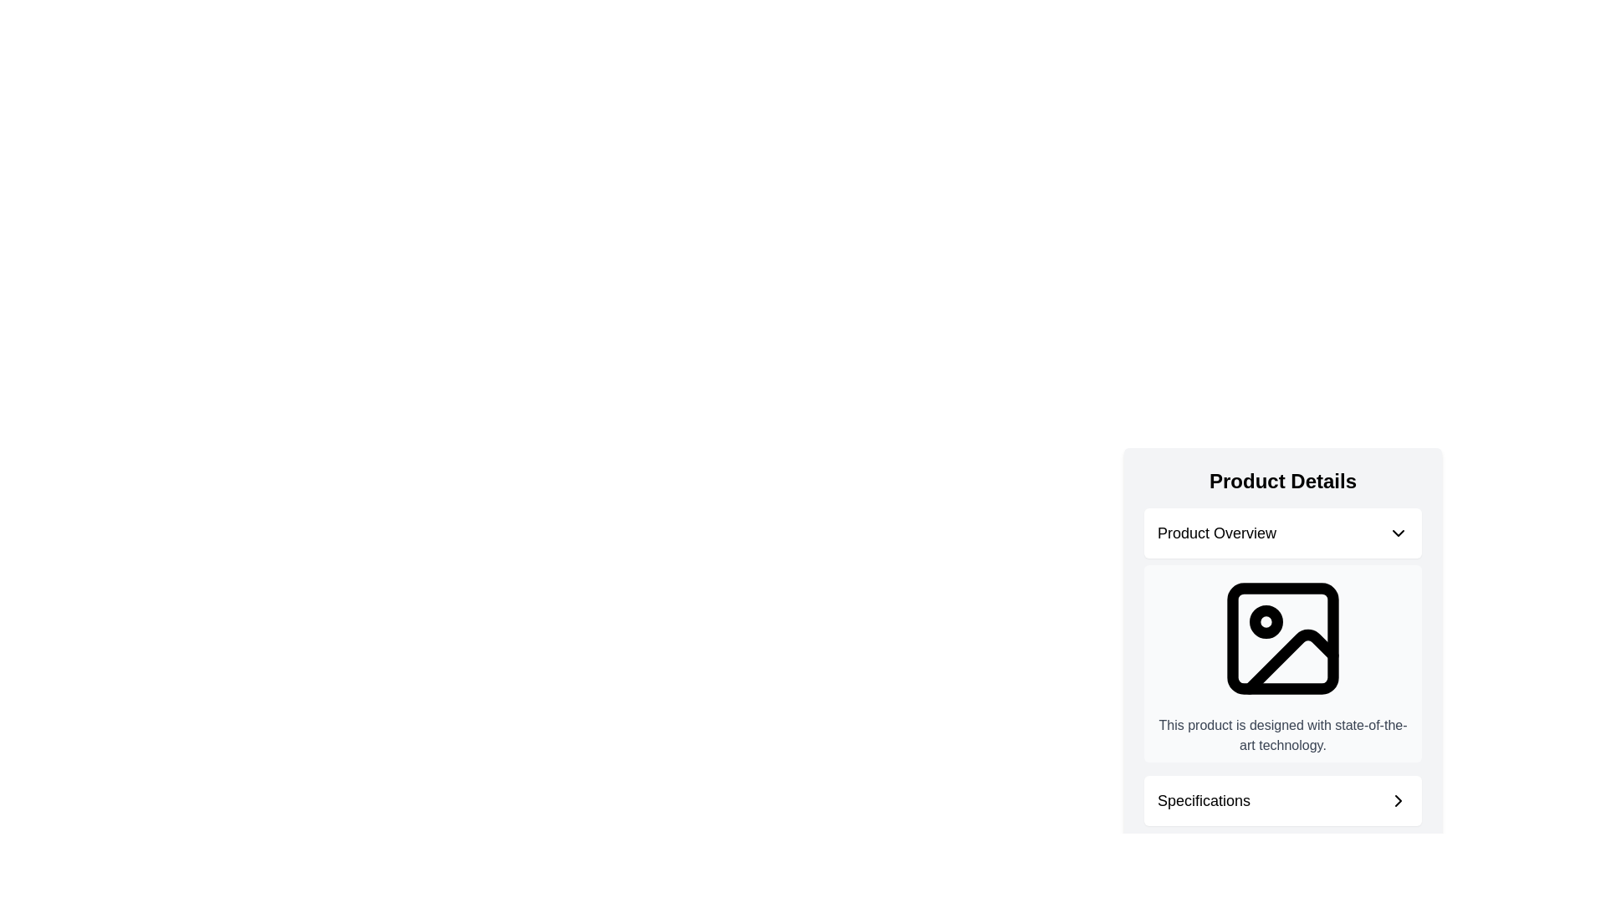 This screenshot has width=1606, height=903. What do you see at coordinates (1282, 630) in the screenshot?
I see `the Image Icon with Text Description element, which features a black outline photo frame icon and the text 'This product is designed with state-of-the-art technology.' located in the 'Product Details' section` at bounding box center [1282, 630].